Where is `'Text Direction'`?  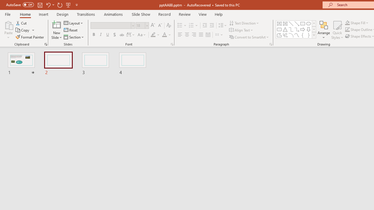
'Text Direction' is located at coordinates (245, 23).